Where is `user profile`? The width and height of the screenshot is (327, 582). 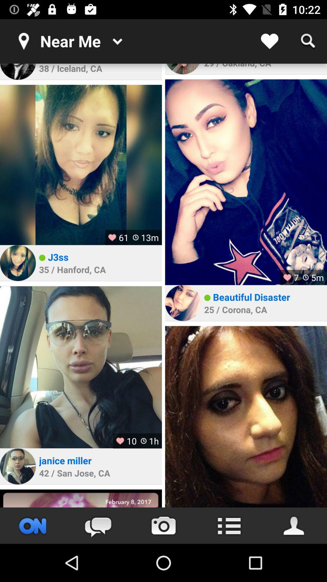
user profile is located at coordinates (183, 69).